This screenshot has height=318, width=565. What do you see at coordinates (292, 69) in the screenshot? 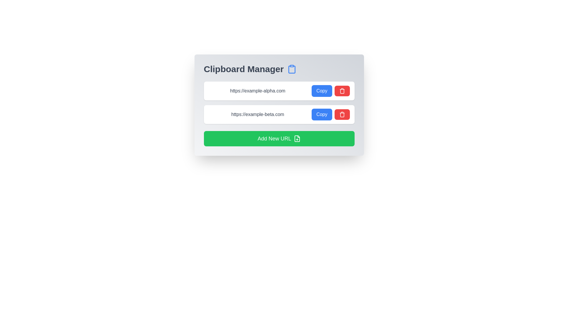
I see `the clipboard icon representing the 'Clipboard Manager', located in the header region next to the text 'Clipboard Manager'` at bounding box center [292, 69].